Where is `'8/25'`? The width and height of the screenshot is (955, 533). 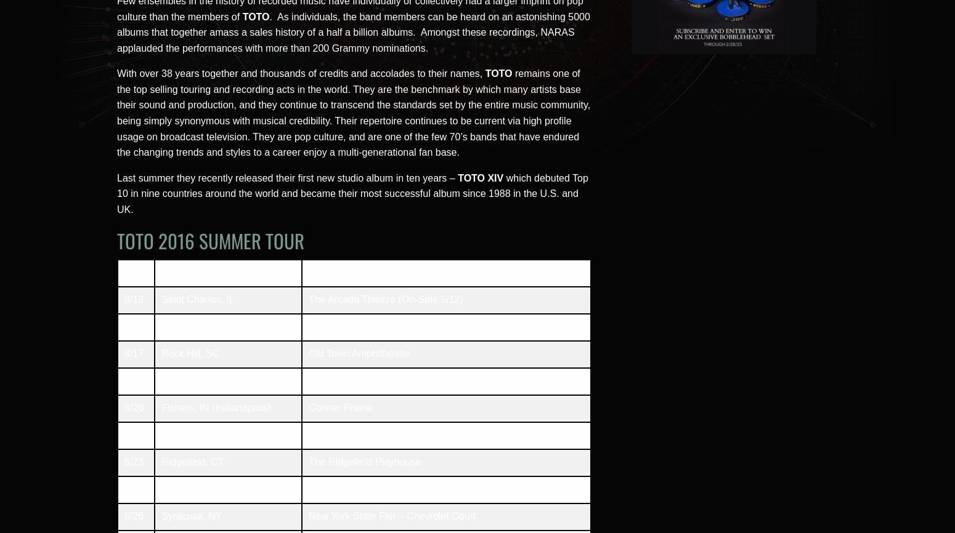 '8/25' is located at coordinates (123, 488).